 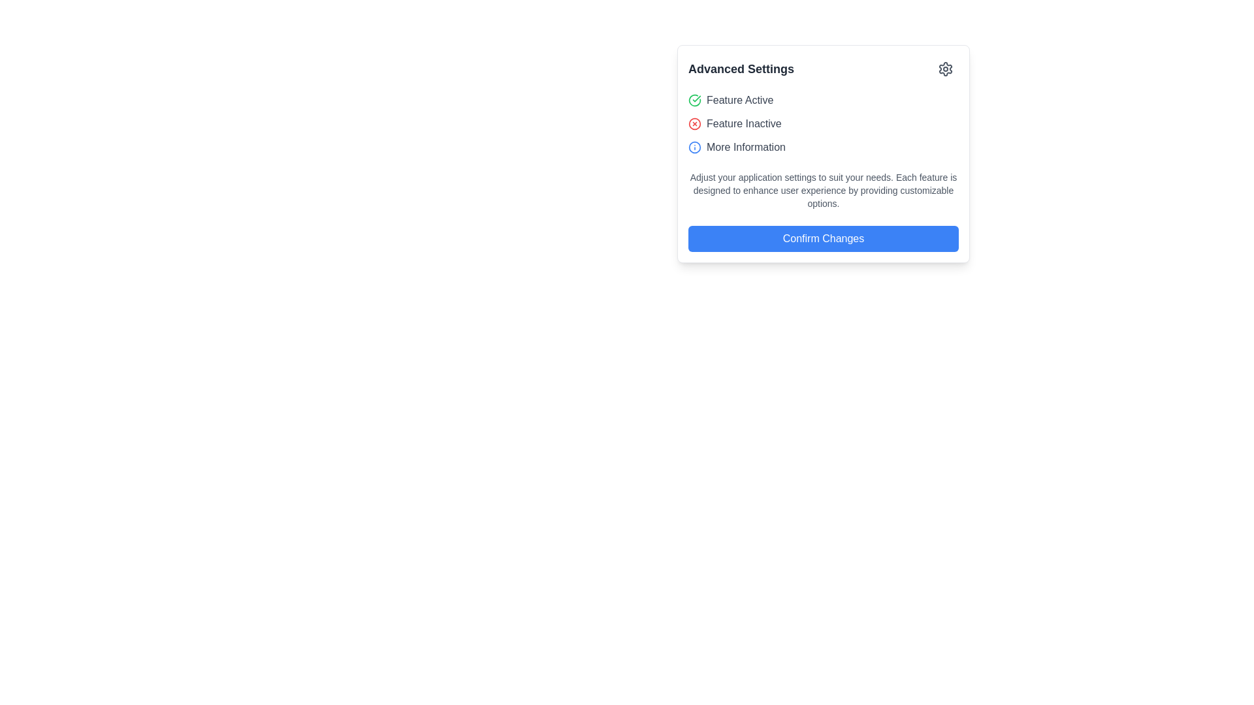 I want to click on the status indicator icon styled as a circular checkmark representing the 'Feature Active' setting, located in the 'Advanced Settings' modal to the left of the 'Feature Active' label, so click(x=694, y=100).